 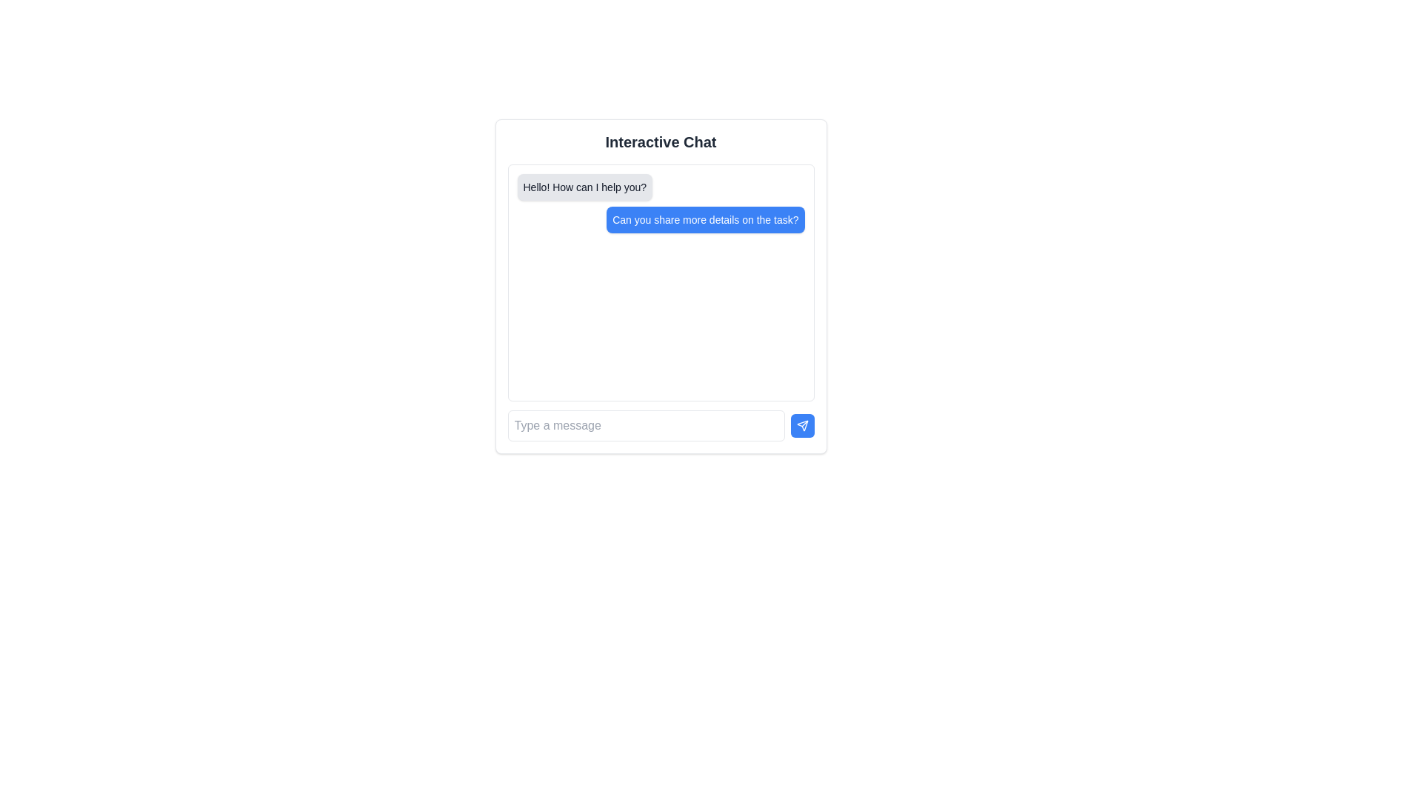 What do you see at coordinates (660, 222) in the screenshot?
I see `the second chat response bubble in the chat interface that displays user feedback, positioned below the gray 'Hello! How can I help you?' bubble` at bounding box center [660, 222].